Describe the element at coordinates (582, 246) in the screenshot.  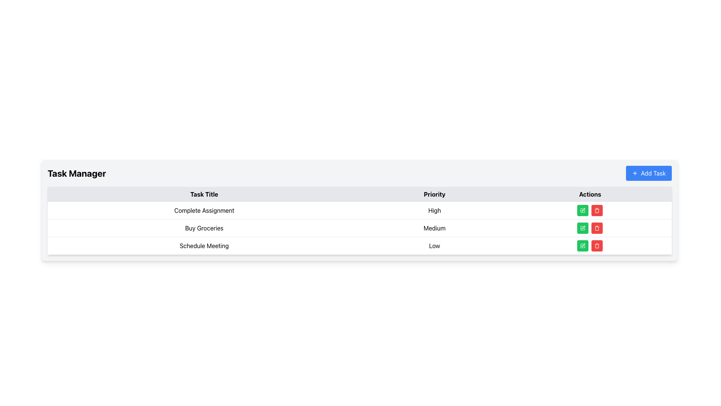
I see `the button in the 'Actions' column of the last row, which is used to modify or edit the details of the task labeled 'Schedule Meeting' with 'Low' priority` at that location.